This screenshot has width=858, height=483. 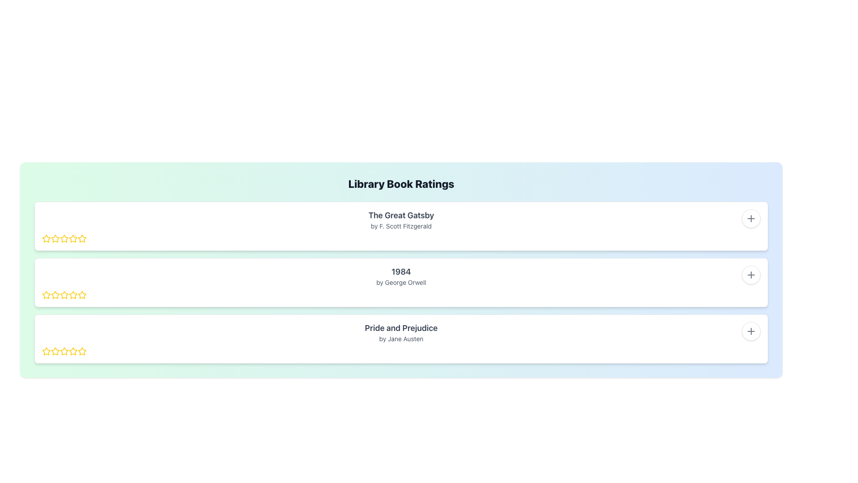 I want to click on the yellow hollow star icon representing the sixth star in the rating component for the book '1984' by George Orwell, so click(x=73, y=295).